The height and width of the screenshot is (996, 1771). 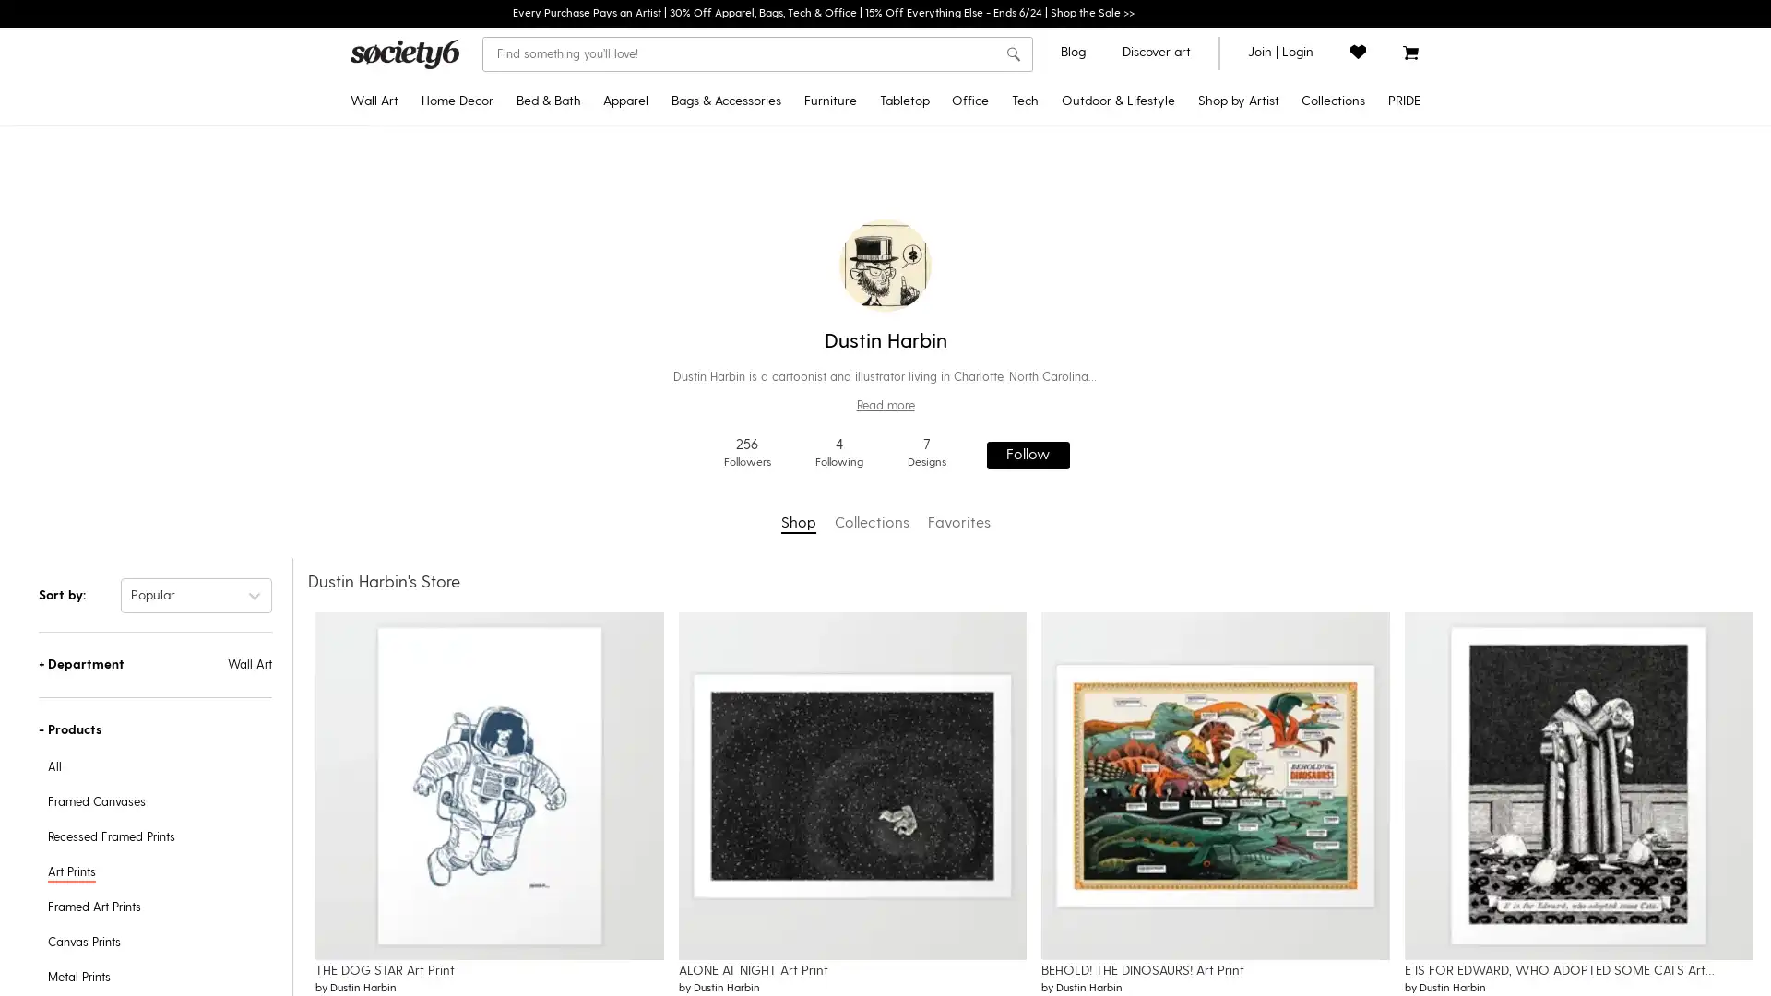 I want to click on Outdoor & Lifestyle, so click(x=1116, y=101).